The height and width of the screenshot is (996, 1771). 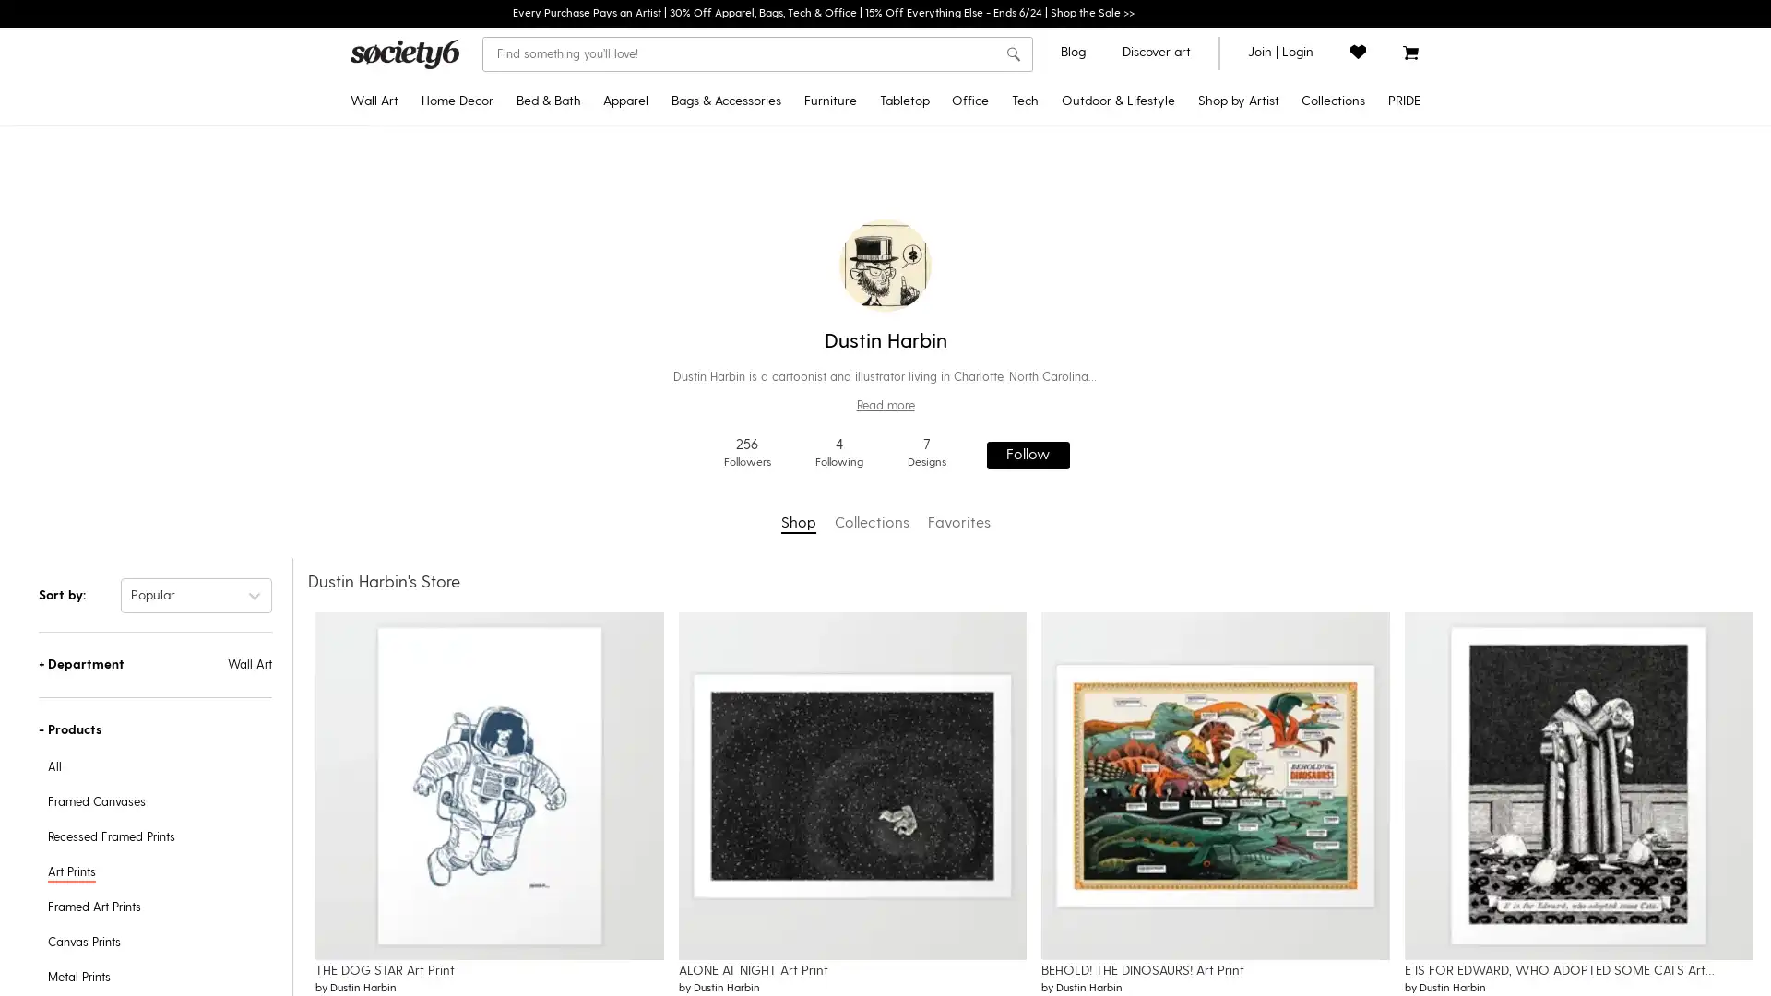 I want to click on Outdoor & Lifestyle, so click(x=1116, y=101).